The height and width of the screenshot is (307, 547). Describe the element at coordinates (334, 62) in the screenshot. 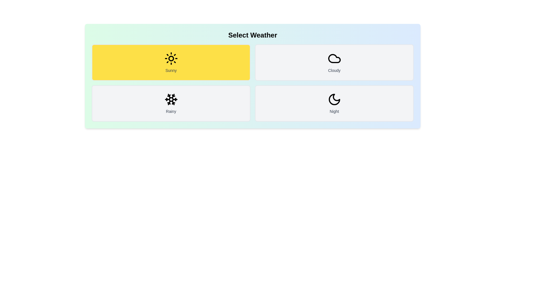

I see `the weather type by clicking on the button corresponding to Cloudy` at that location.